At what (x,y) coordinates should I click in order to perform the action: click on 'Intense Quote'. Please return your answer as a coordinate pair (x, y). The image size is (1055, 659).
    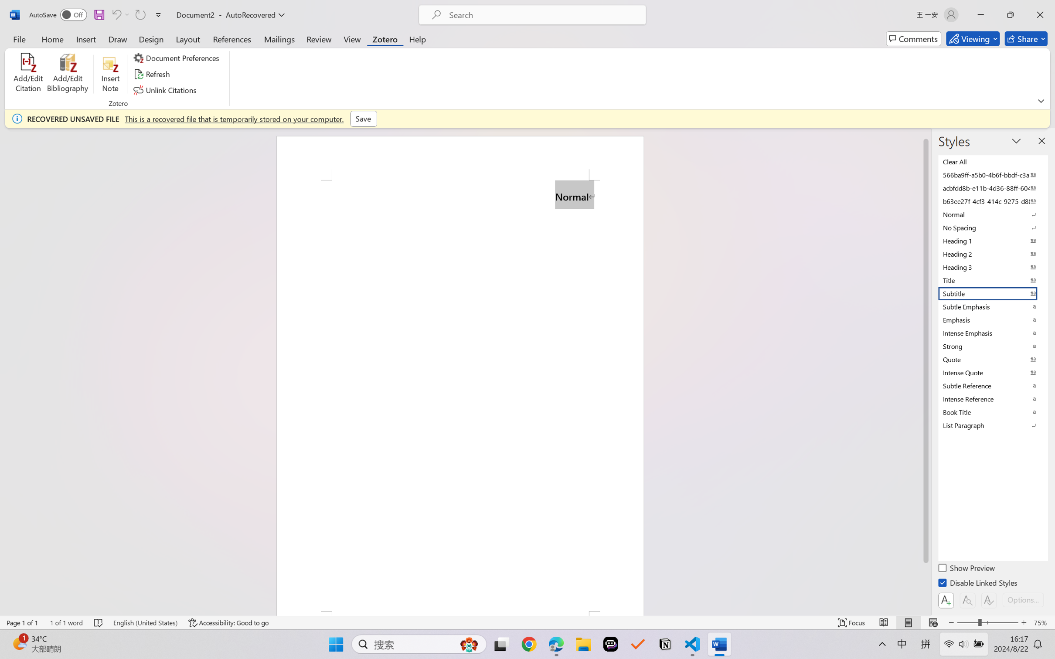
    Looking at the image, I should click on (992, 373).